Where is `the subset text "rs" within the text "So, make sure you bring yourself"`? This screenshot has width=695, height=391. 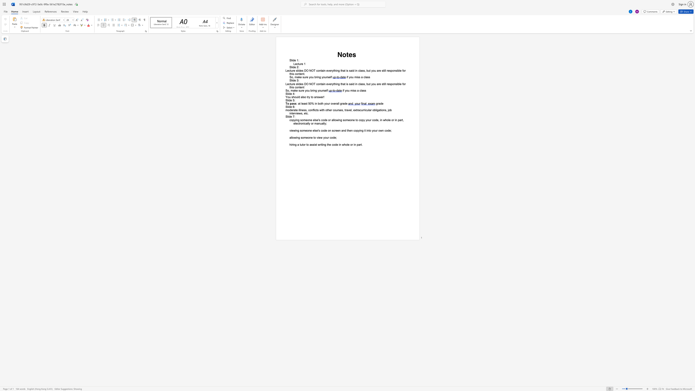 the subset text "rs" within the text "So, make sure you bring yourself" is located at coordinates (322, 90).